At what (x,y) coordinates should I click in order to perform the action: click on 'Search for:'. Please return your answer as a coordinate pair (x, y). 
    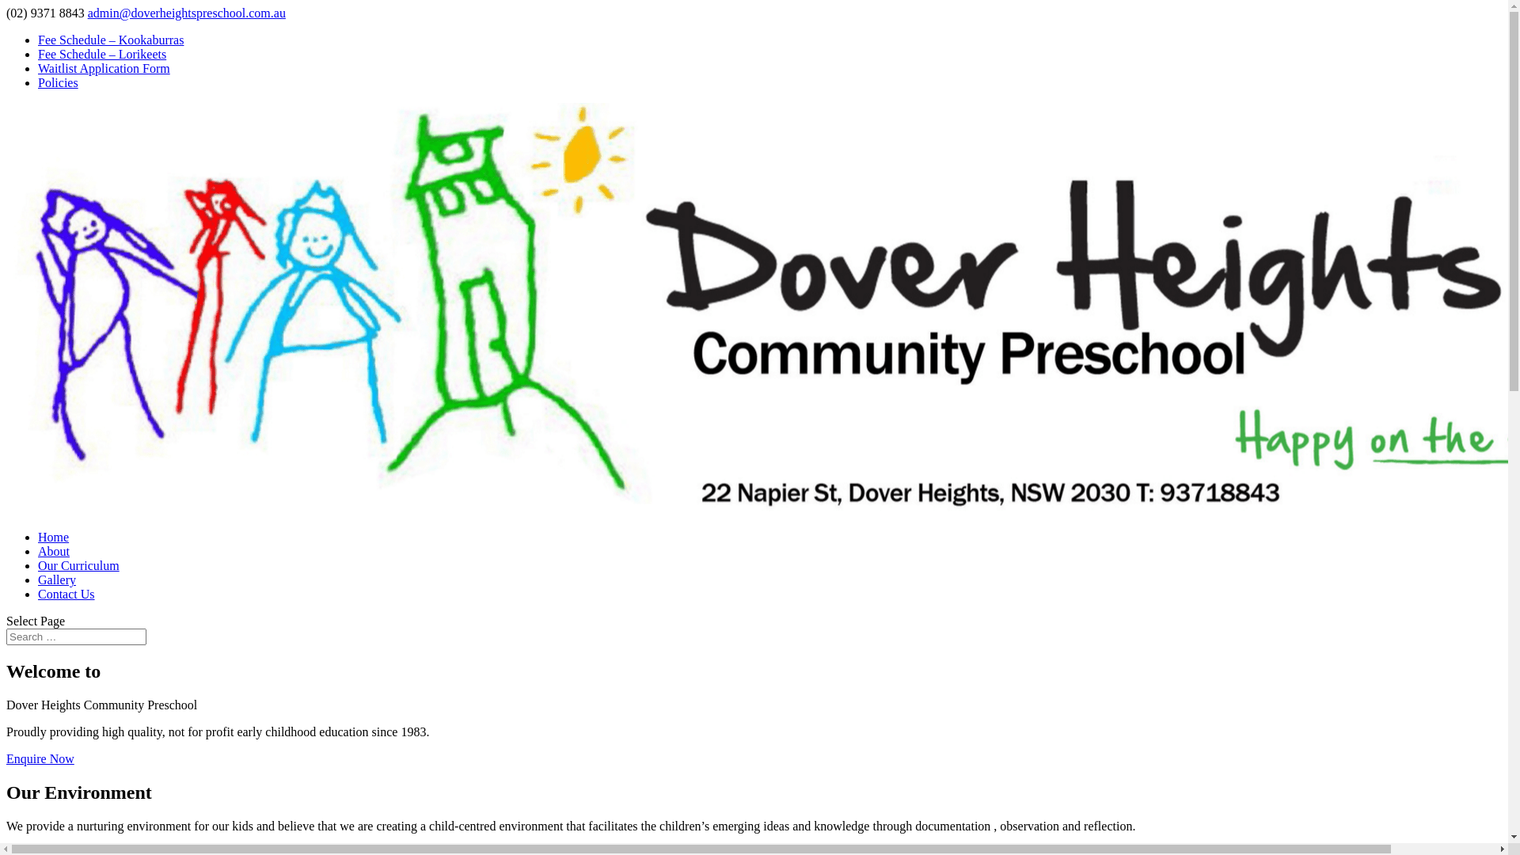
    Looking at the image, I should click on (6, 636).